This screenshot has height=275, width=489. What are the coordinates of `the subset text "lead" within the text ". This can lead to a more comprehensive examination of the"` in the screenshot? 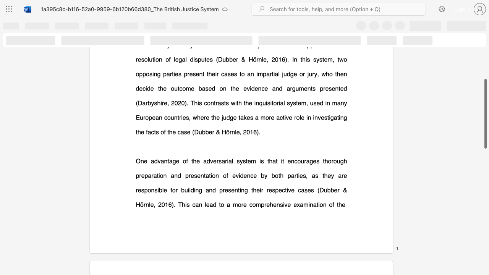 It's located at (205, 204).